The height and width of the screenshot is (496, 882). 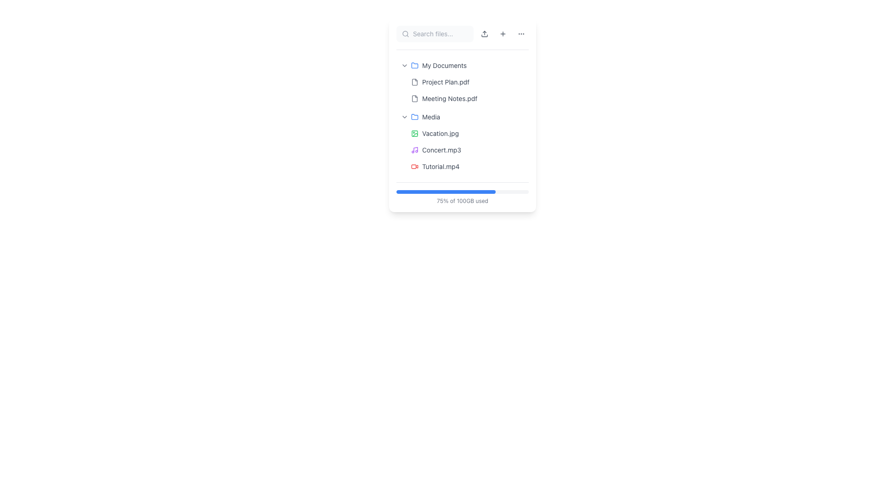 I want to click on the text label that displays detailed numerical information about current storage usage, located beneath the horizontal progress bar, so click(x=463, y=201).